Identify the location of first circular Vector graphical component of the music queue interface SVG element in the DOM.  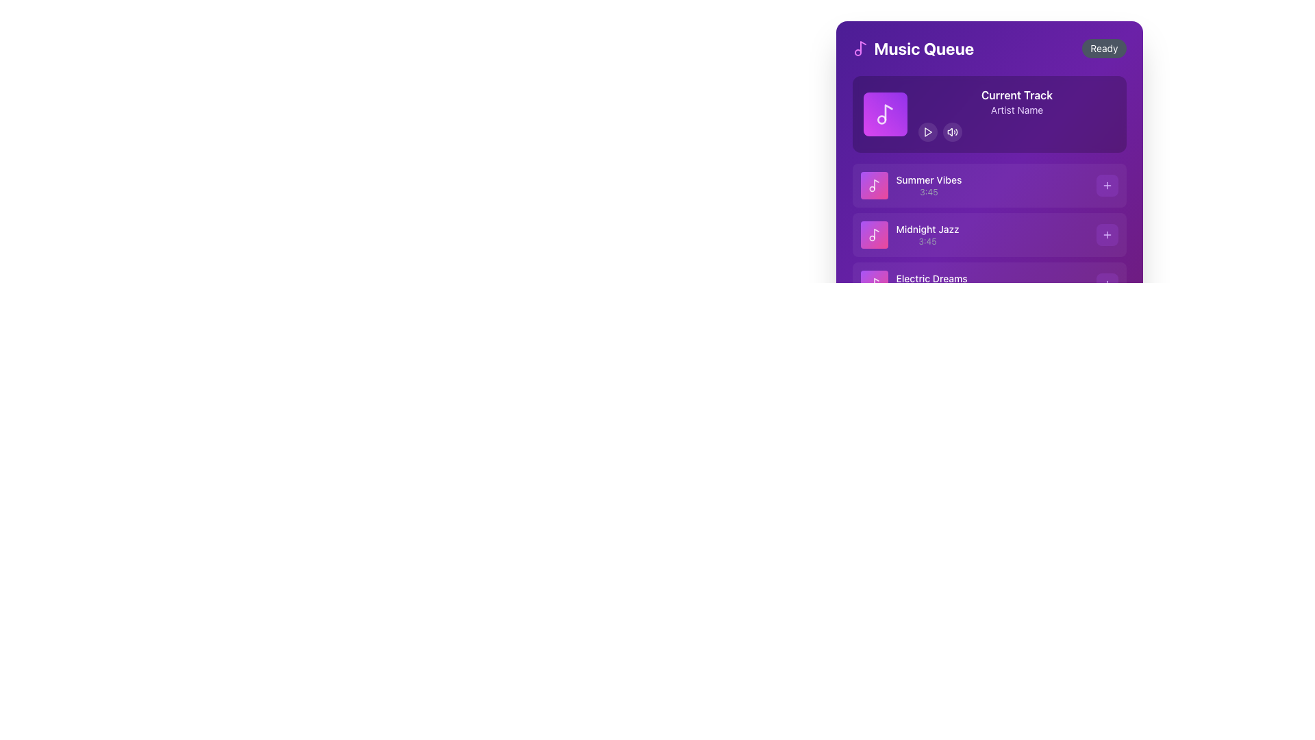
(881, 119).